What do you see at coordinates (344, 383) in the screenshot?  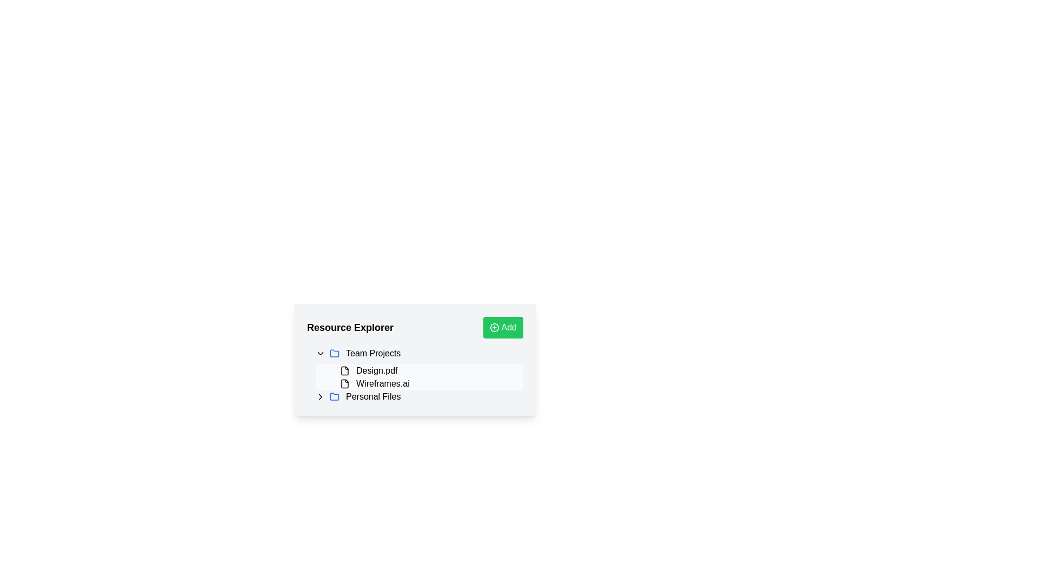 I see `the File type icon, which resembles a document file with a folded corner, located next to the 'Wireframes.ai' text file entry` at bounding box center [344, 383].